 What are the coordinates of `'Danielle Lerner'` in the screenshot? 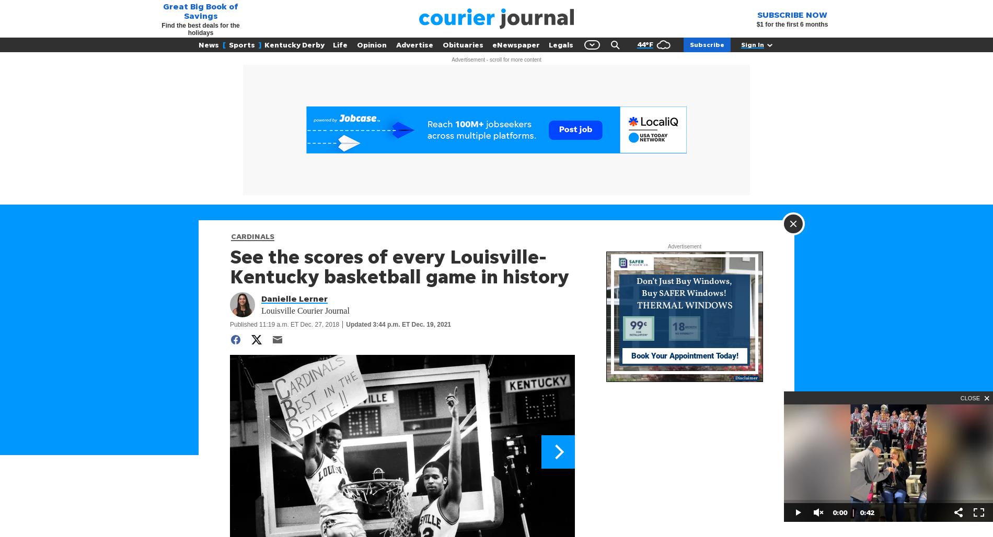 It's located at (261, 298).